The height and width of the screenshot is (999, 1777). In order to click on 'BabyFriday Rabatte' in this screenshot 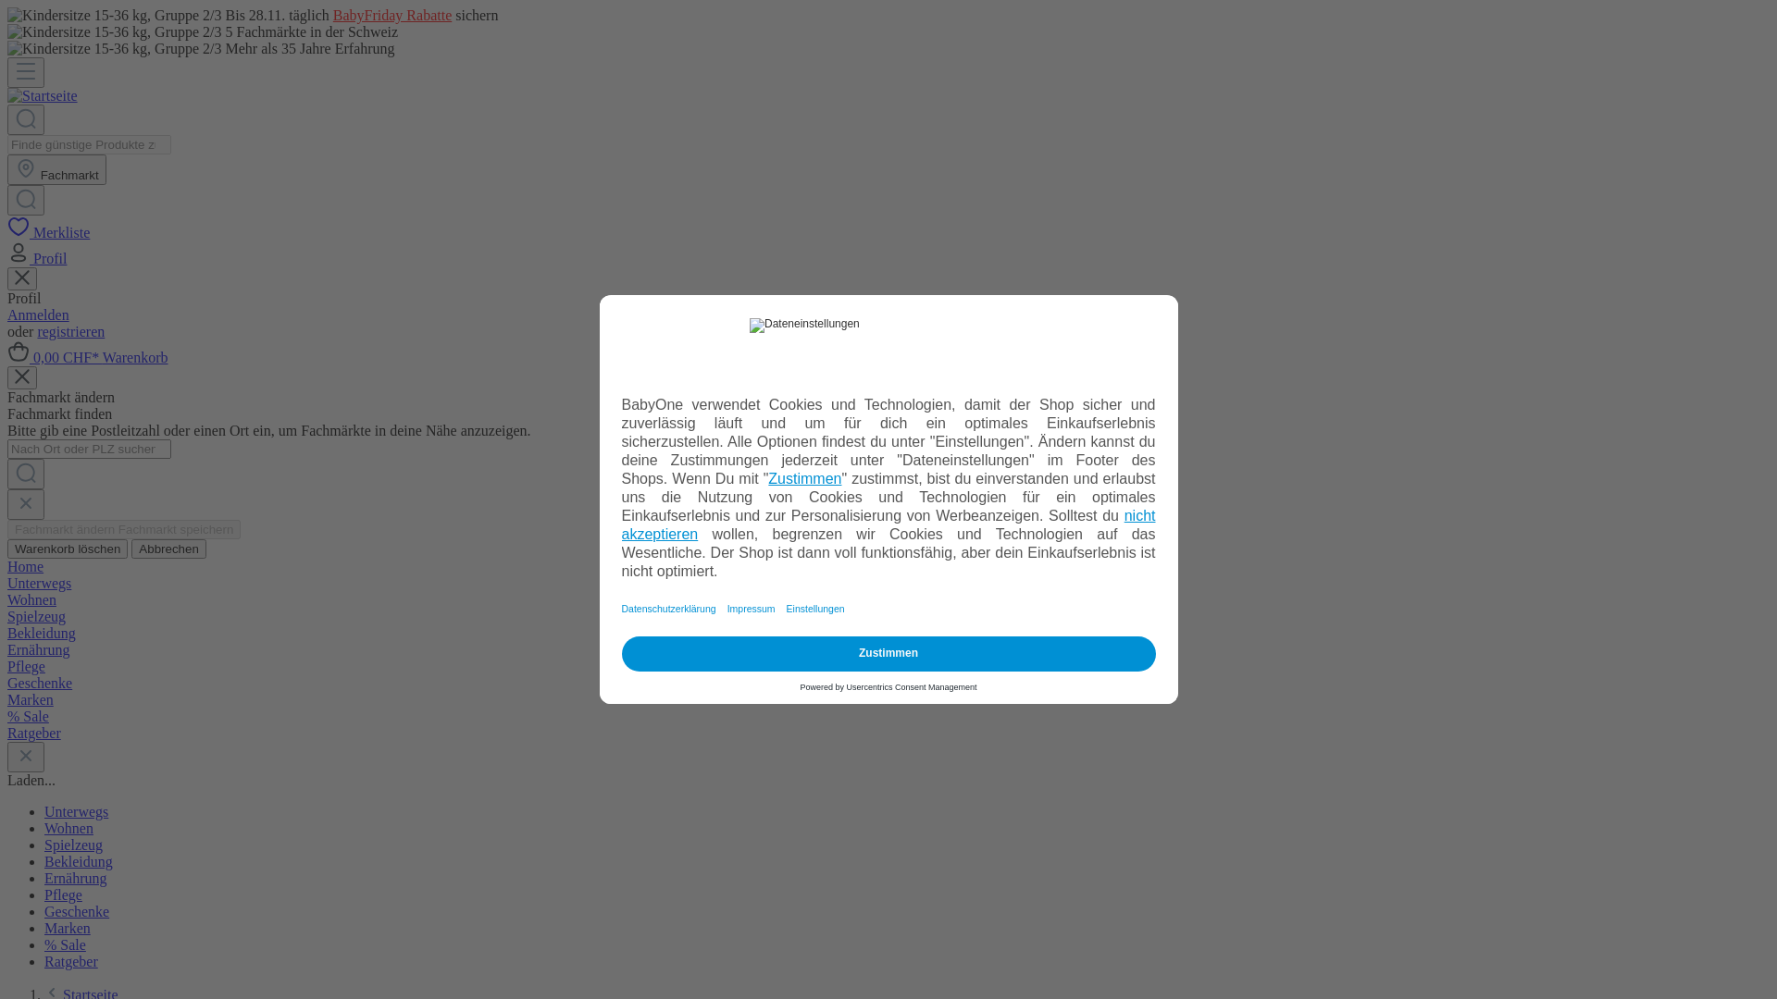, I will do `click(391, 15)`.